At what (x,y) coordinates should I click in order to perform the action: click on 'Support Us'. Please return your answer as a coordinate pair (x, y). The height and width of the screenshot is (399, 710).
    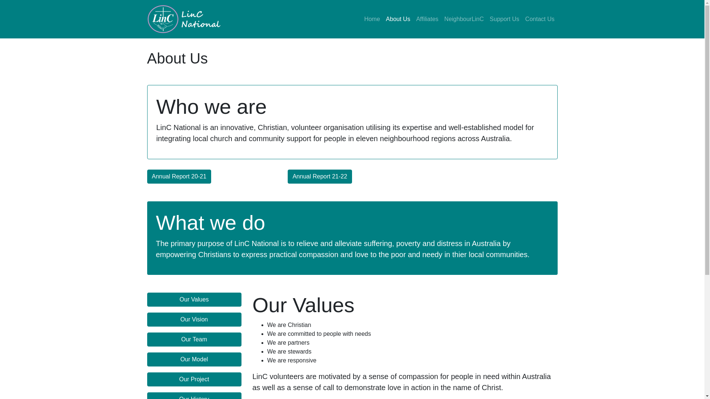
    Looking at the image, I should click on (504, 18).